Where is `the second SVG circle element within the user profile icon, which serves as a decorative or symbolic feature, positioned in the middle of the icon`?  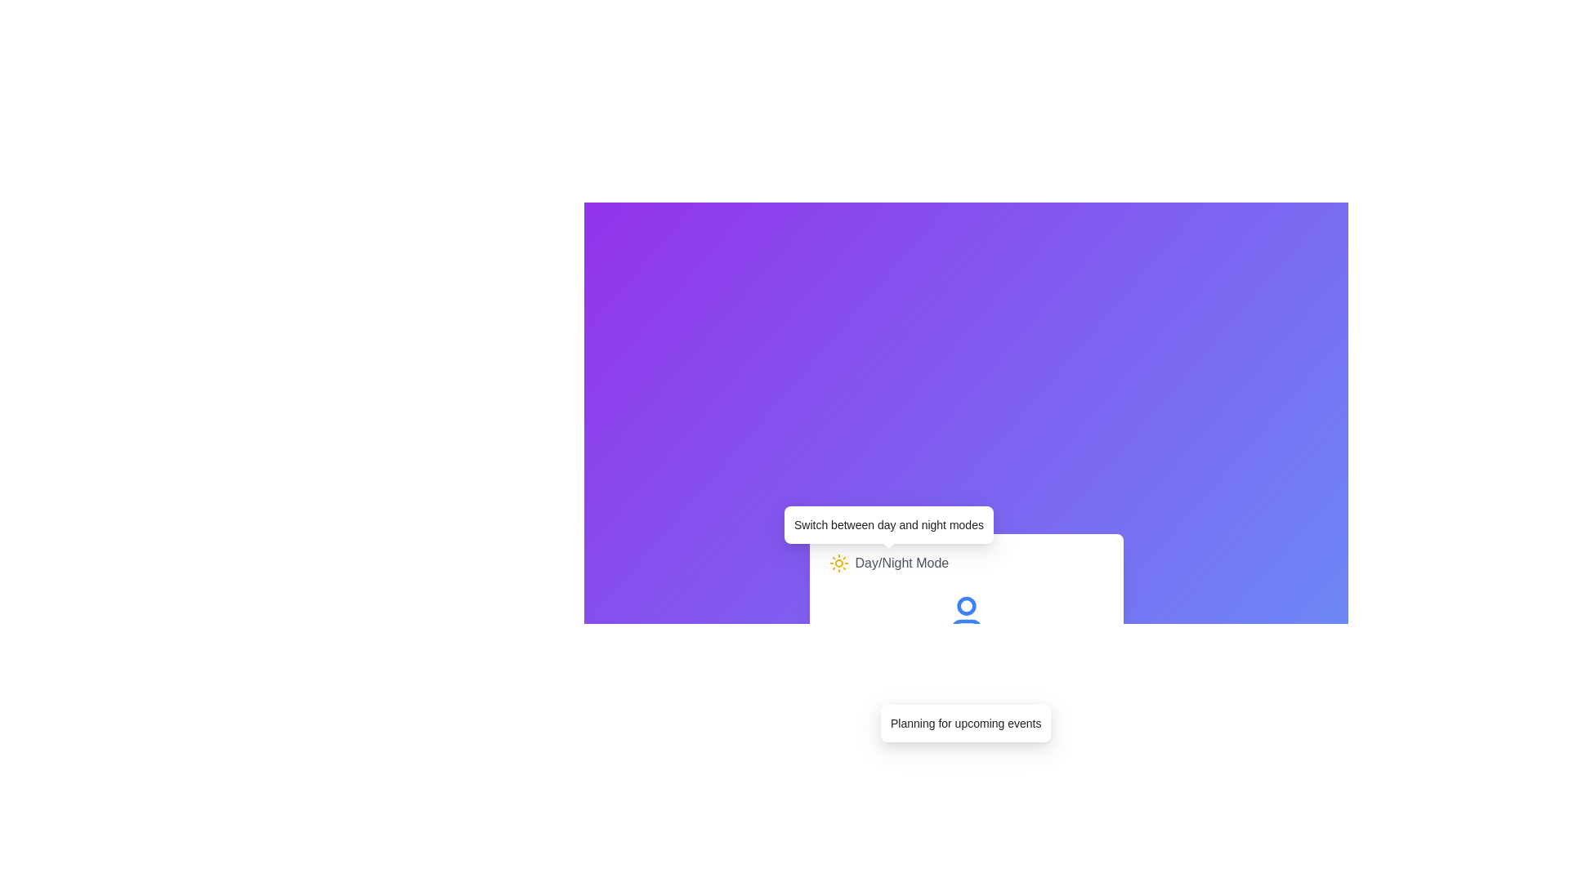 the second SVG circle element within the user profile icon, which serves as a decorative or symbolic feature, positioned in the middle of the icon is located at coordinates (966, 606).